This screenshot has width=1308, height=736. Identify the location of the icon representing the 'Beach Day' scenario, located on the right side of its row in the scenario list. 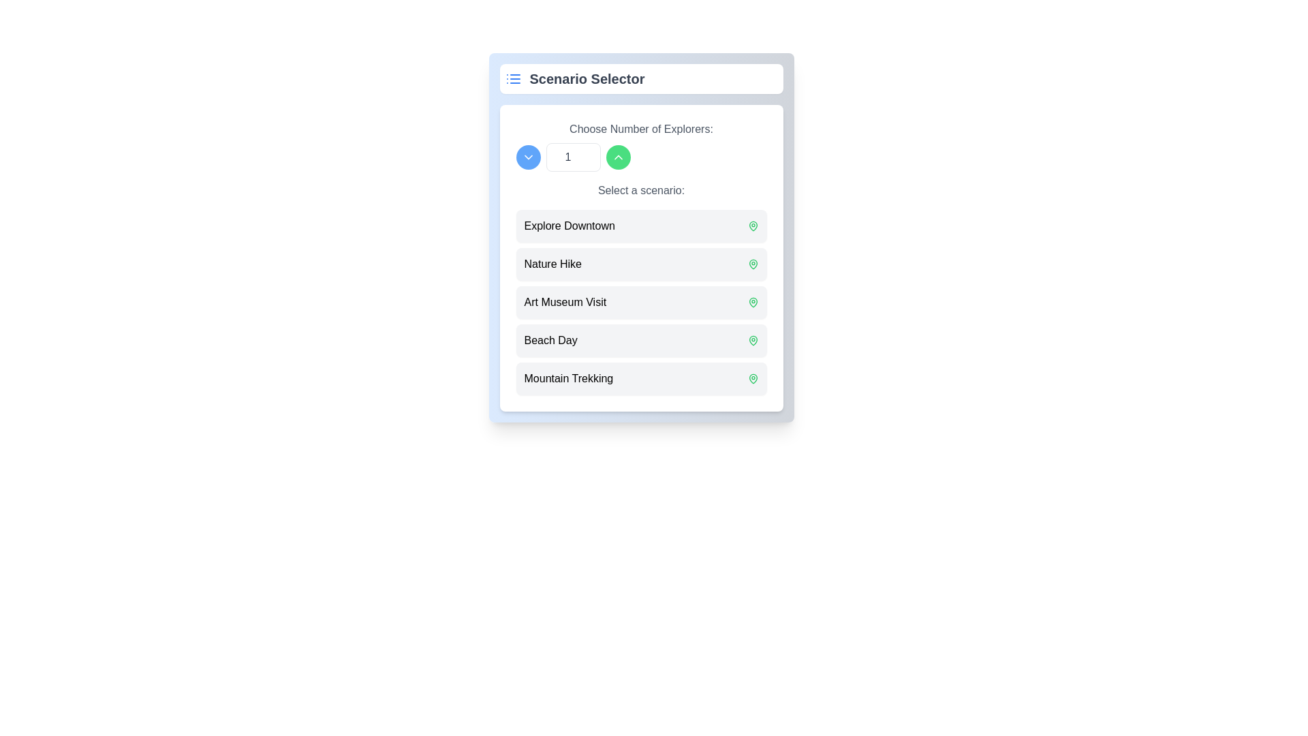
(752, 340).